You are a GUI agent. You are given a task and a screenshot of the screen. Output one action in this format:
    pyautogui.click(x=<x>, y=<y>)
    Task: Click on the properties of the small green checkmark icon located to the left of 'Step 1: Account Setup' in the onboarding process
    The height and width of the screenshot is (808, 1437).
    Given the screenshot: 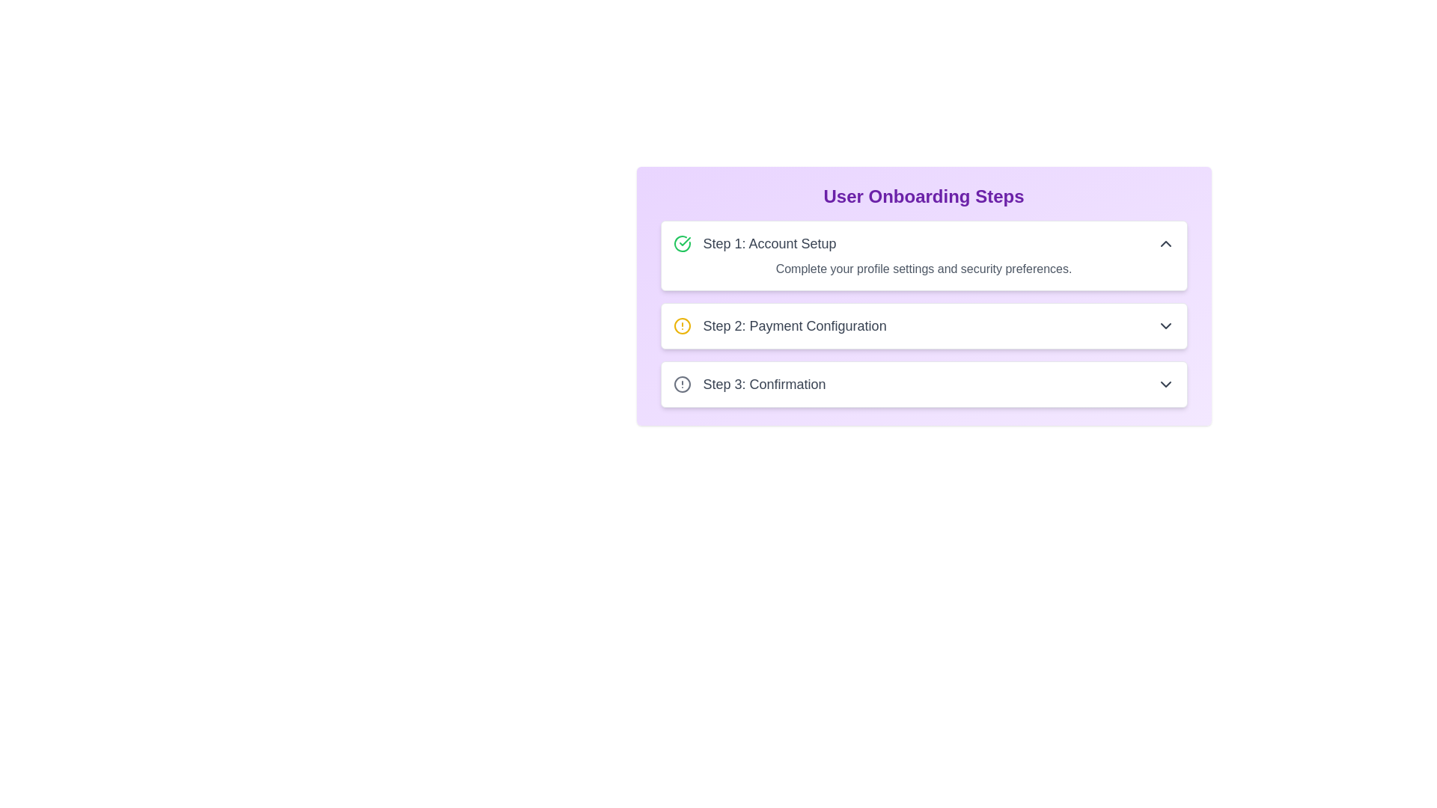 What is the action you would take?
    pyautogui.click(x=684, y=241)
    